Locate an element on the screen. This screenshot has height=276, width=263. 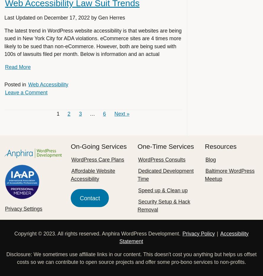
'Resources' is located at coordinates (220, 146).